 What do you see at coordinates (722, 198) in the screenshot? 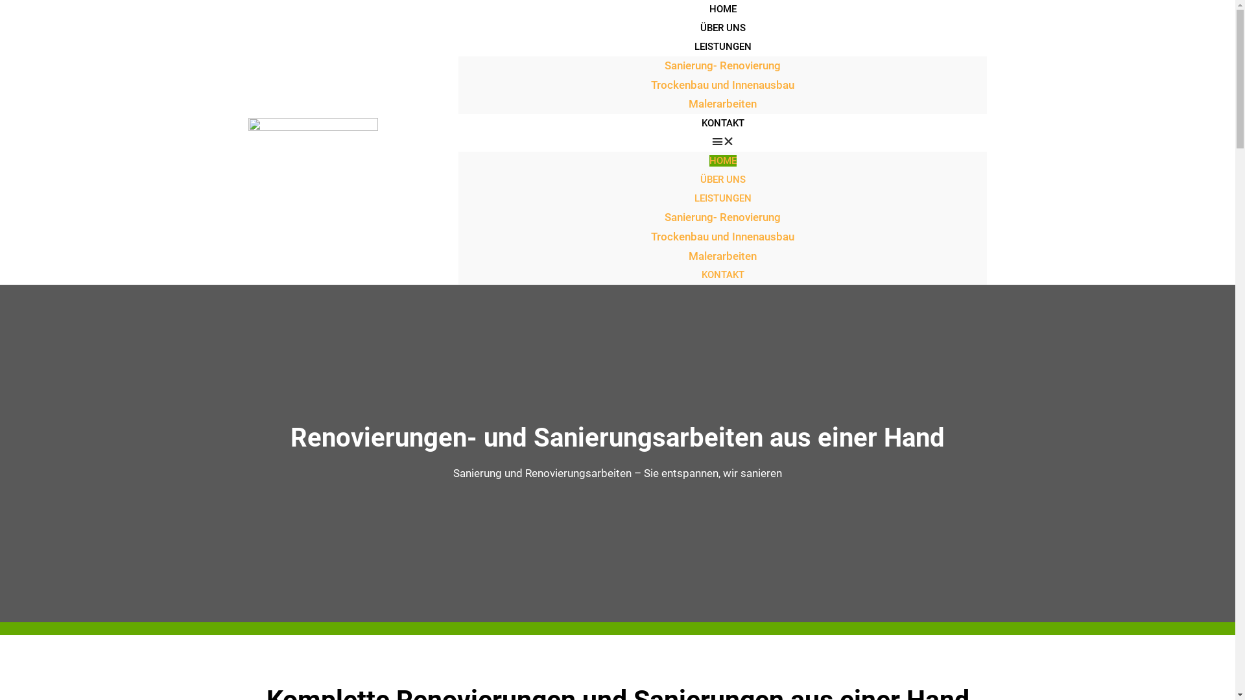
I see `'LEISTUNGEN'` at bounding box center [722, 198].